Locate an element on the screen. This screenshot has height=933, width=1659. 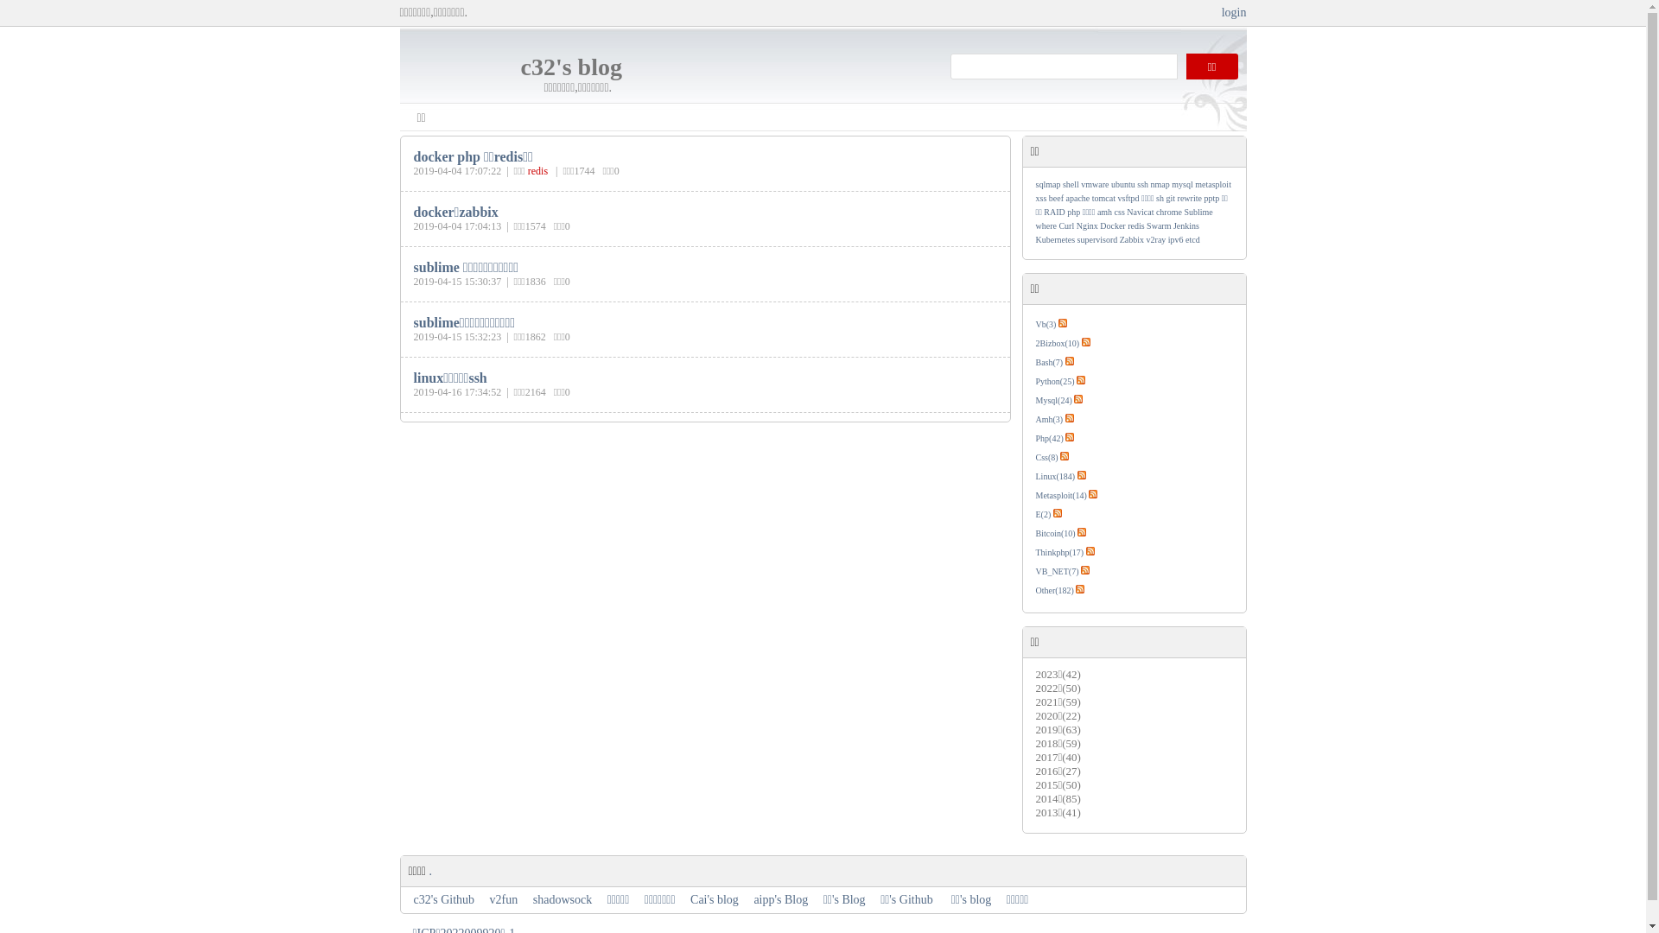
'Swarm' is located at coordinates (1158, 225).